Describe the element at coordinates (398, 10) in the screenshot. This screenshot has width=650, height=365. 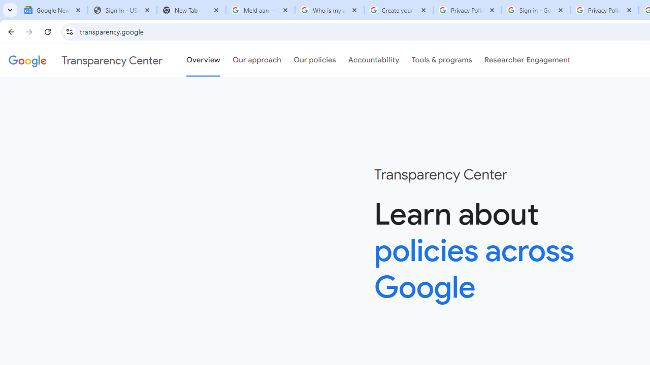
I see `'Create your Google Account'` at that location.